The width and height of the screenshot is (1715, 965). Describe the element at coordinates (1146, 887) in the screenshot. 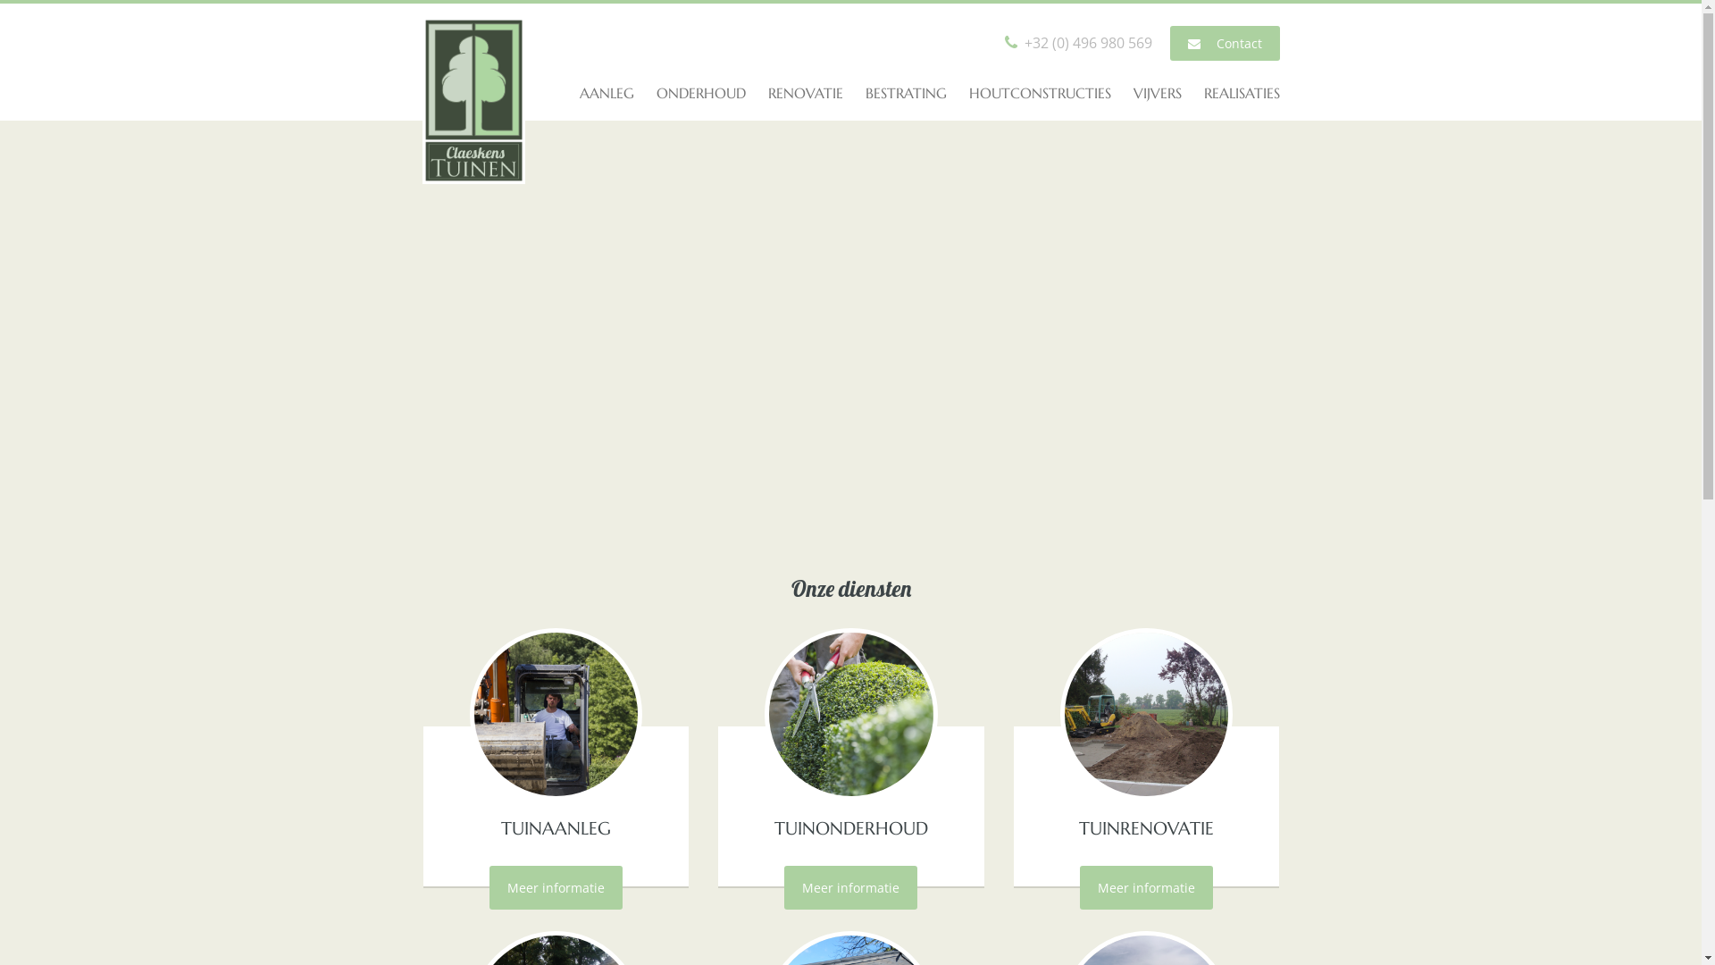

I see `'Meer informatie'` at that location.